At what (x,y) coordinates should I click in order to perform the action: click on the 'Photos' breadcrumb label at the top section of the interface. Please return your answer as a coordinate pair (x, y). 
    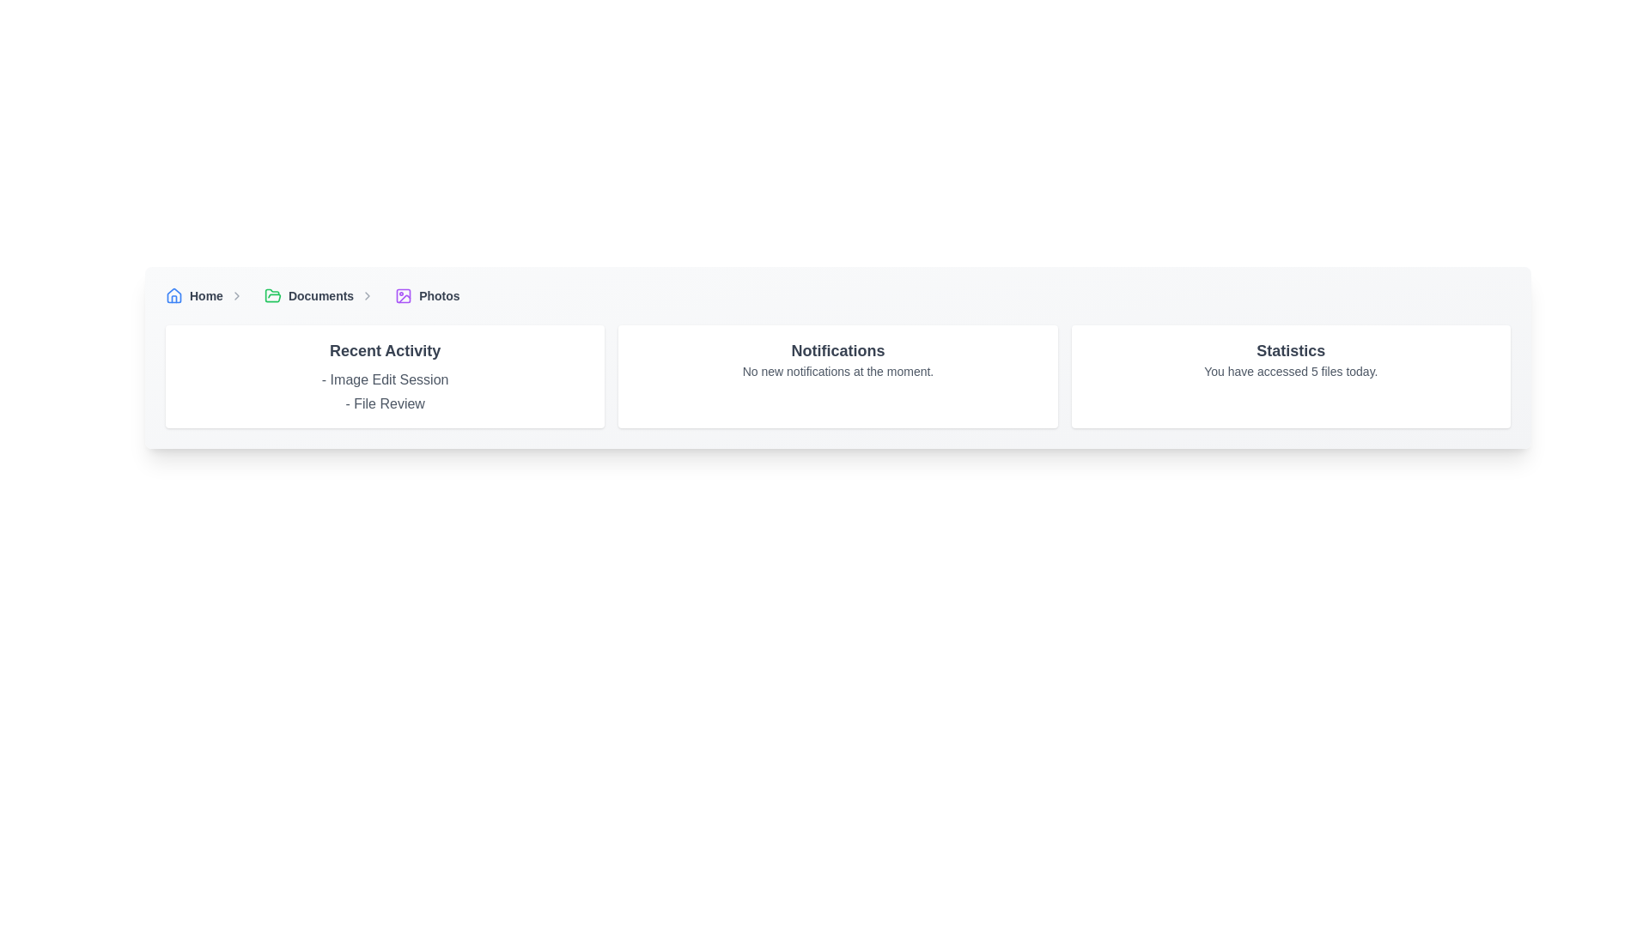
    Looking at the image, I should click on (439, 294).